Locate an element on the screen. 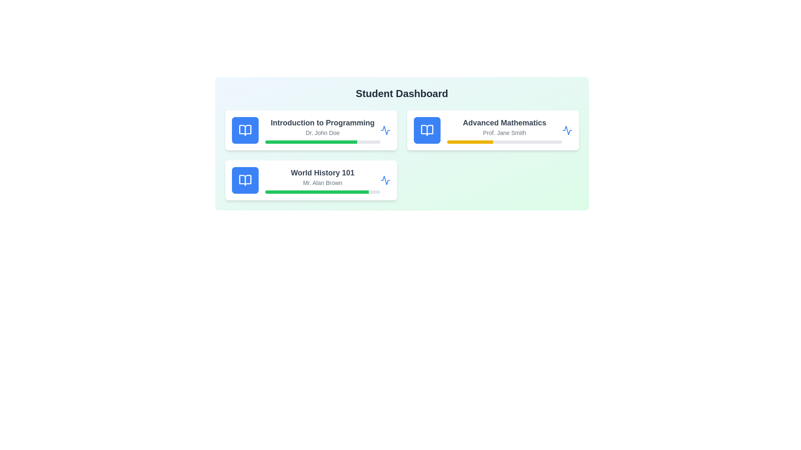  the course card for Introduction to Programming is located at coordinates (310, 130).